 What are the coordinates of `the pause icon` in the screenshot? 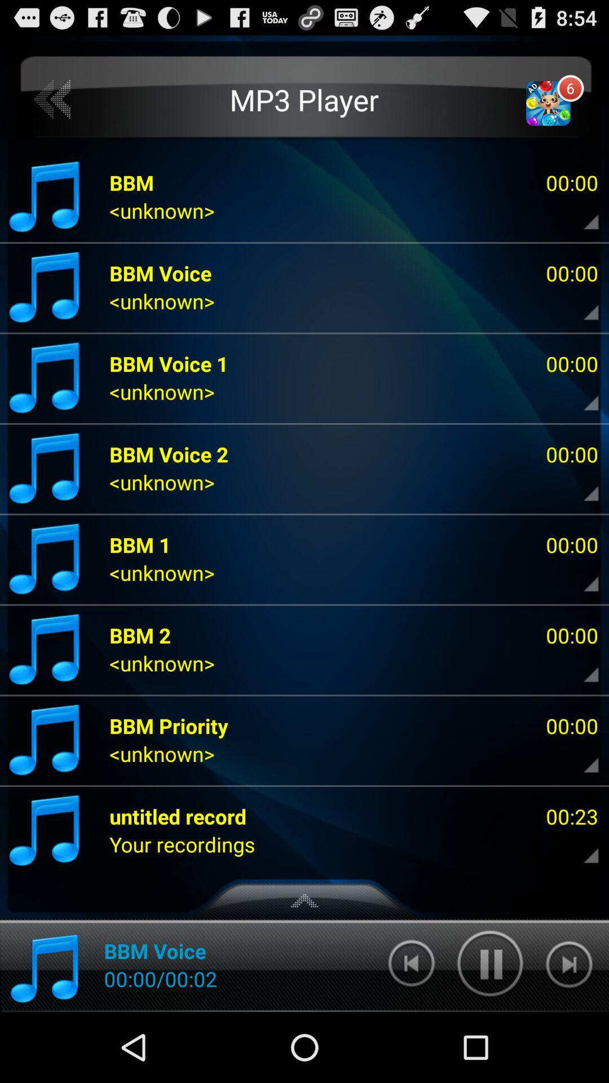 It's located at (489, 1031).